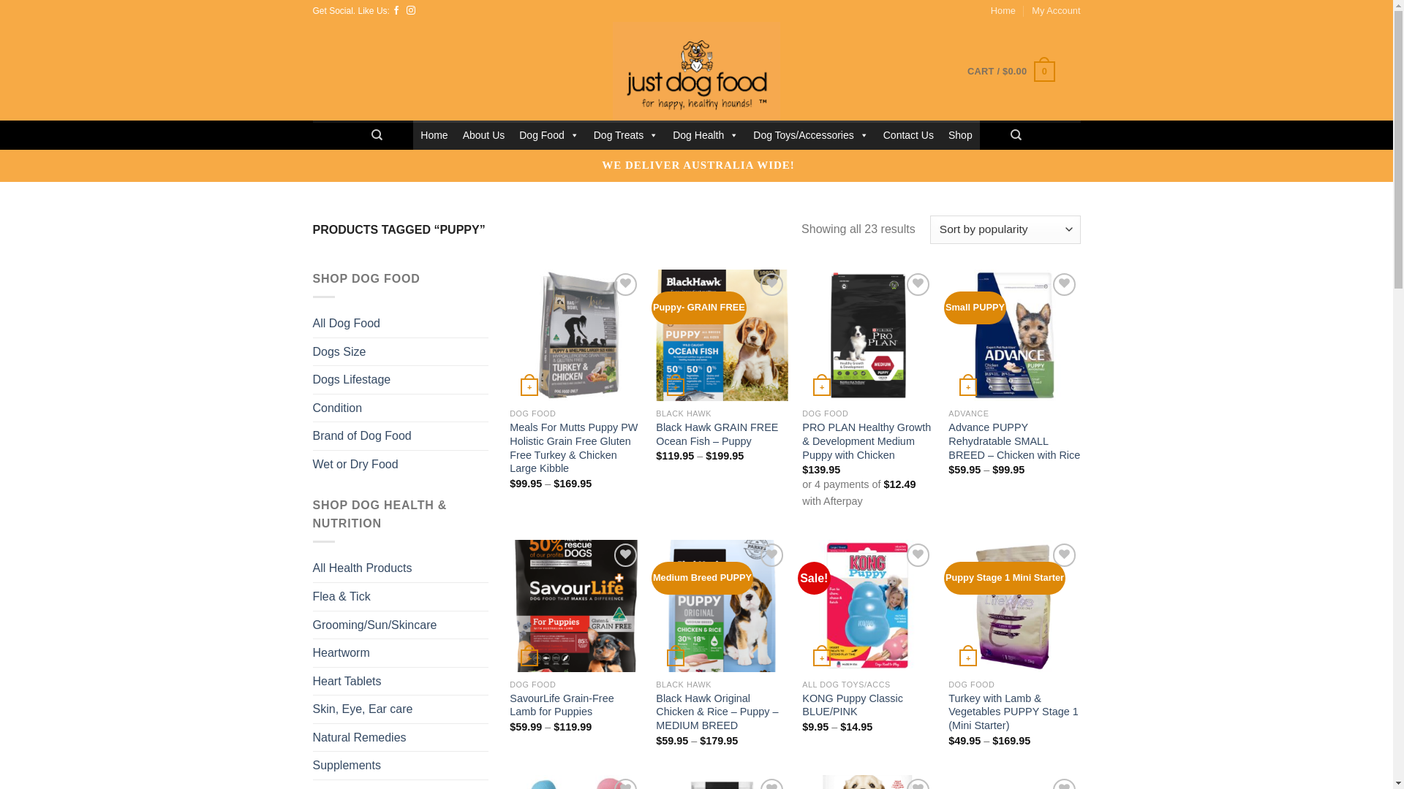  I want to click on 'Dog Treats', so click(625, 135).